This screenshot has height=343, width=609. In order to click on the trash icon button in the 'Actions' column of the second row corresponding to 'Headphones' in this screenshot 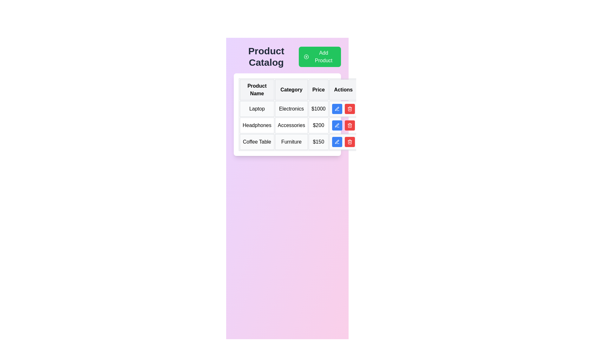, I will do `click(349, 126)`.